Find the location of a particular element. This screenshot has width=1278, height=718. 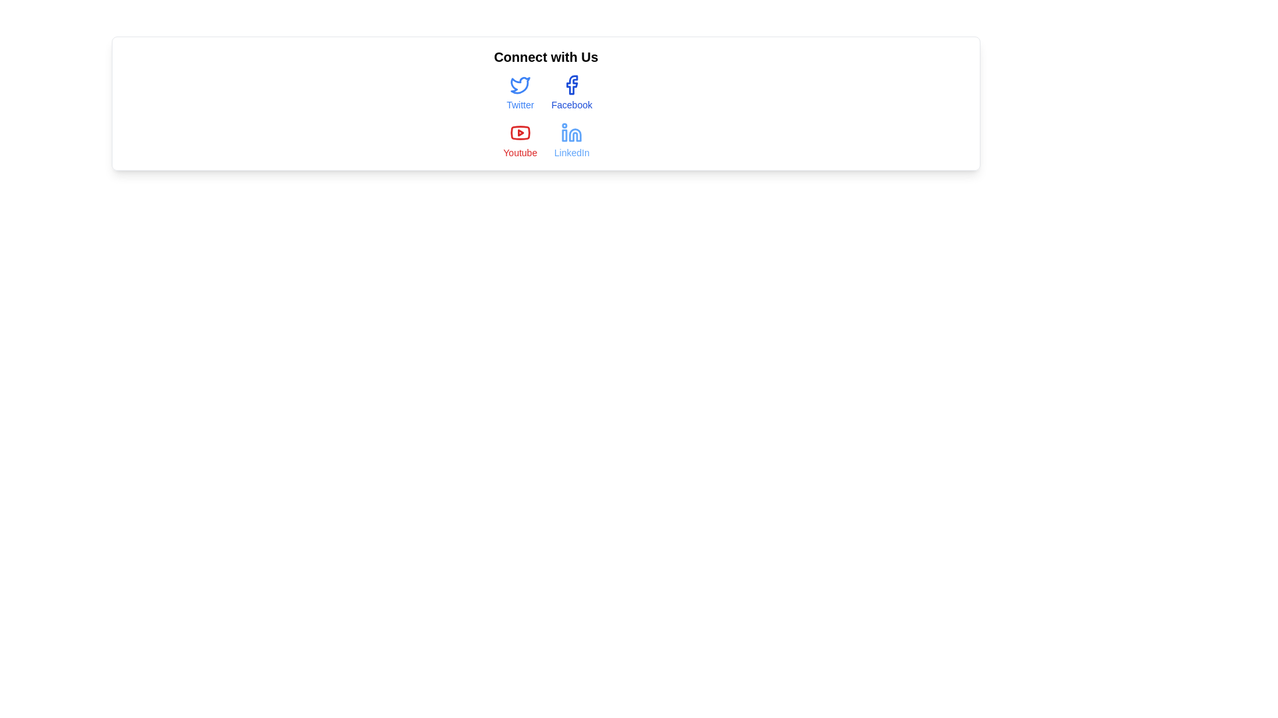

the Facebook button-like hyperlink is located at coordinates (572, 92).